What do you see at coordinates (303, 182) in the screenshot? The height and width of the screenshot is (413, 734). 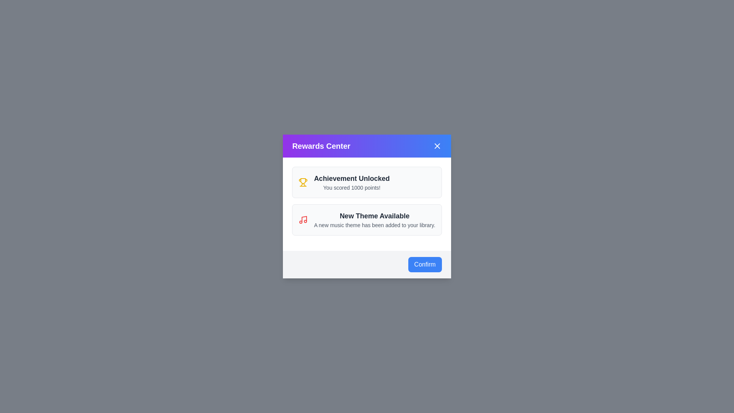 I see `the icon associated with the reward item Achievement Unlocked` at bounding box center [303, 182].